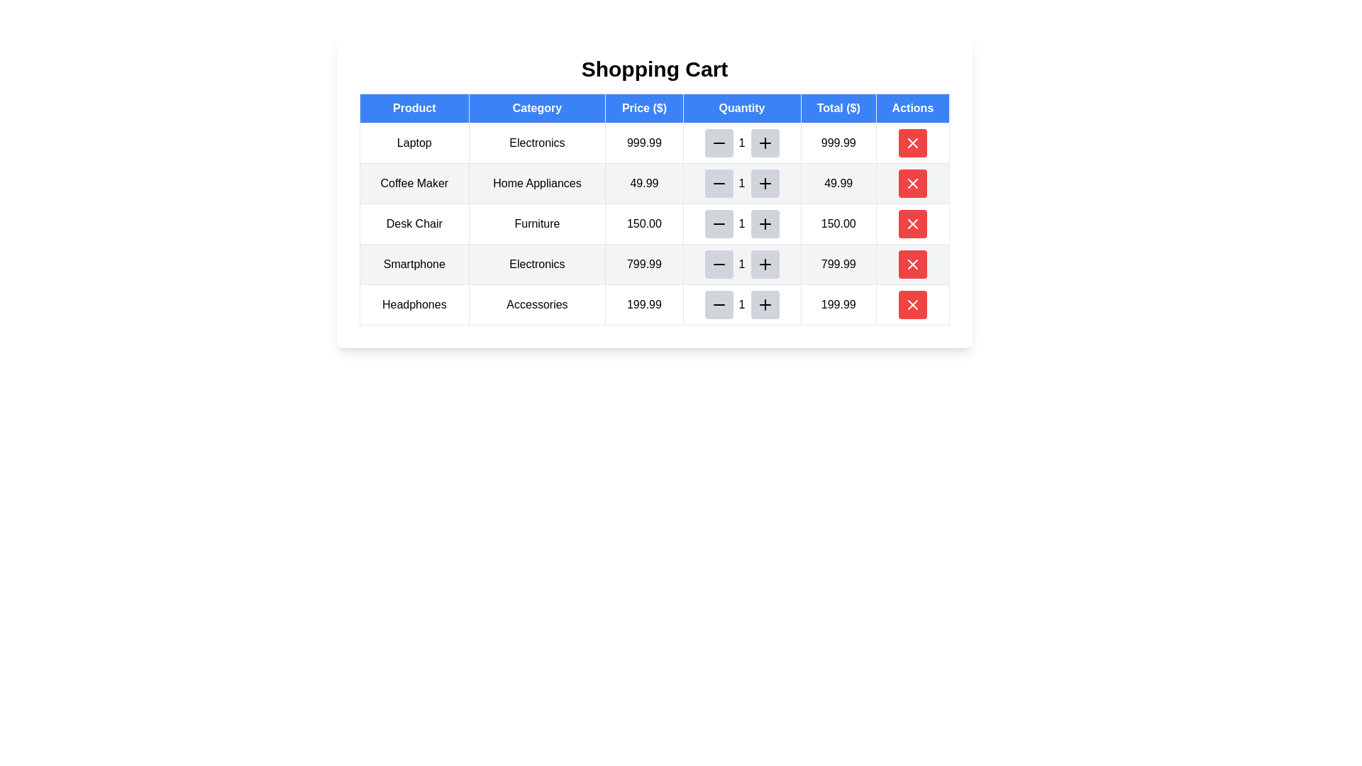 Image resolution: width=1362 pixels, height=766 pixels. Describe the element at coordinates (536, 182) in the screenshot. I see `the text label displaying the category of the product in the second row of the shopping cart table, located under the 'Category' column` at that location.